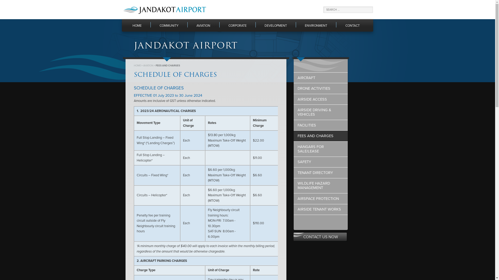 Image resolution: width=499 pixels, height=280 pixels. Describe the element at coordinates (320, 88) in the screenshot. I see `'DRONE ACTIVITIES'` at that location.